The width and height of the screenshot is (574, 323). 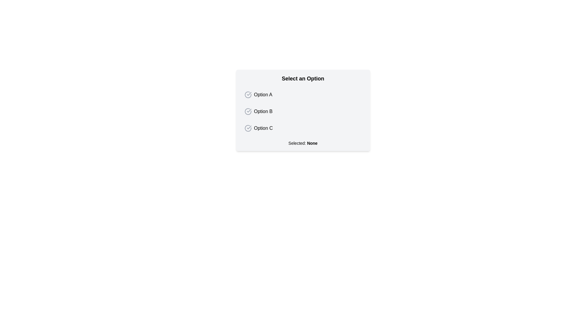 I want to click on the text label displaying 'Selected: None', which is positioned at the bottom of the box below the selection options, so click(x=303, y=143).